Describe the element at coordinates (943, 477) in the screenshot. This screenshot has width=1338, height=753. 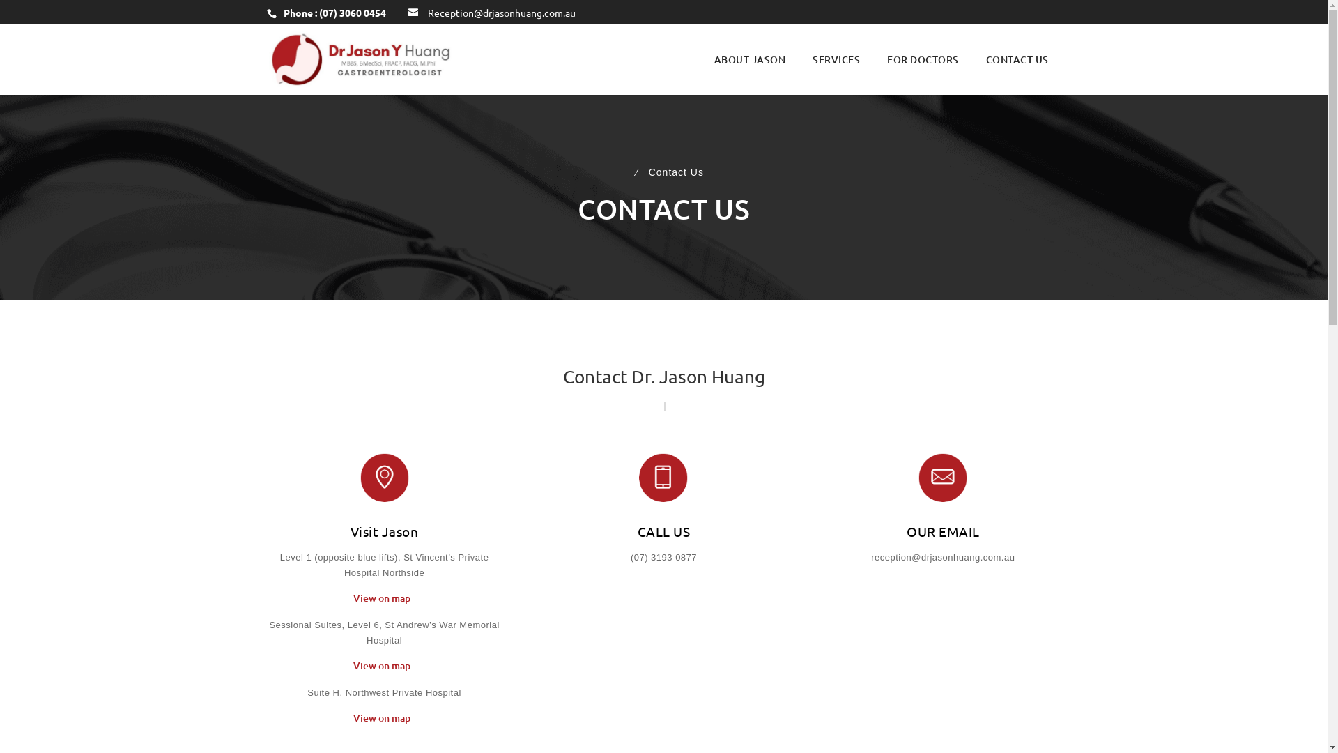
I see `'icon3'` at that location.